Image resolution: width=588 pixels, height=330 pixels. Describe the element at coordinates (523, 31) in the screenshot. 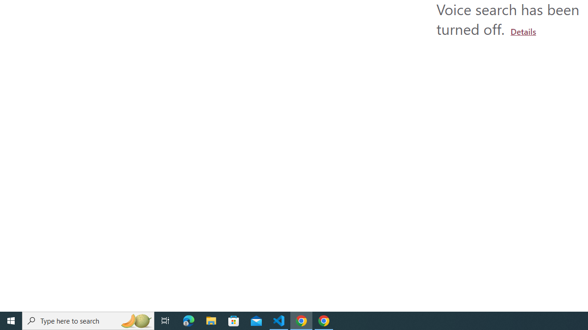

I see `'Learn more about using a microphone'` at that location.